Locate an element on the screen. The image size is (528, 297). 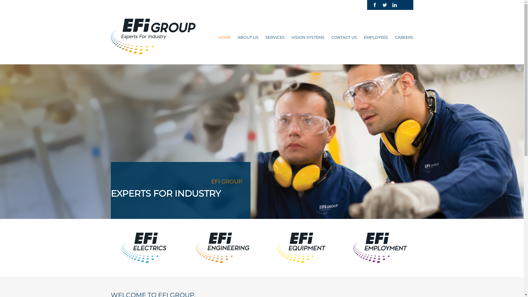
'Twitter' is located at coordinates (384, 5).